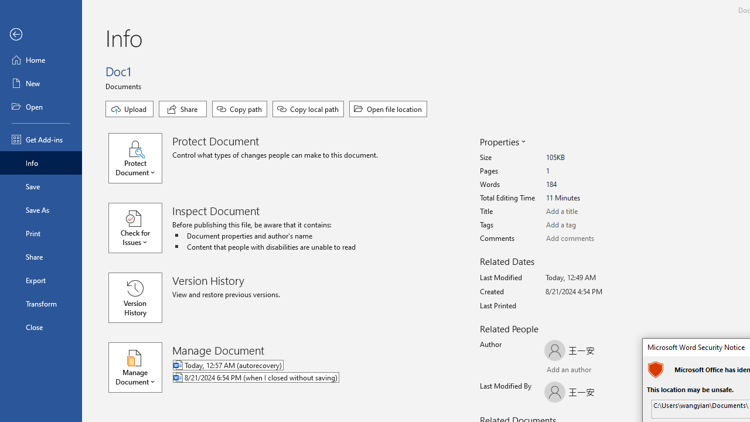 The height and width of the screenshot is (422, 750). What do you see at coordinates (141, 158) in the screenshot?
I see `'Protect Document'` at bounding box center [141, 158].